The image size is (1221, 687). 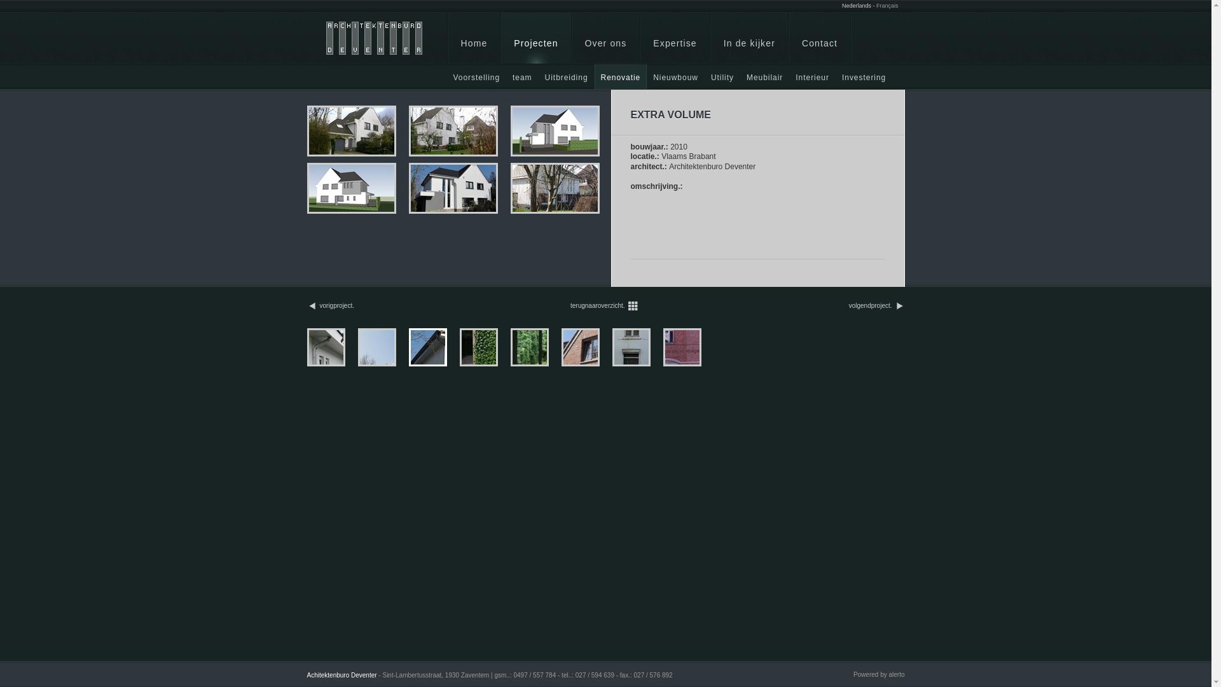 I want to click on 'Contact', so click(x=820, y=38).